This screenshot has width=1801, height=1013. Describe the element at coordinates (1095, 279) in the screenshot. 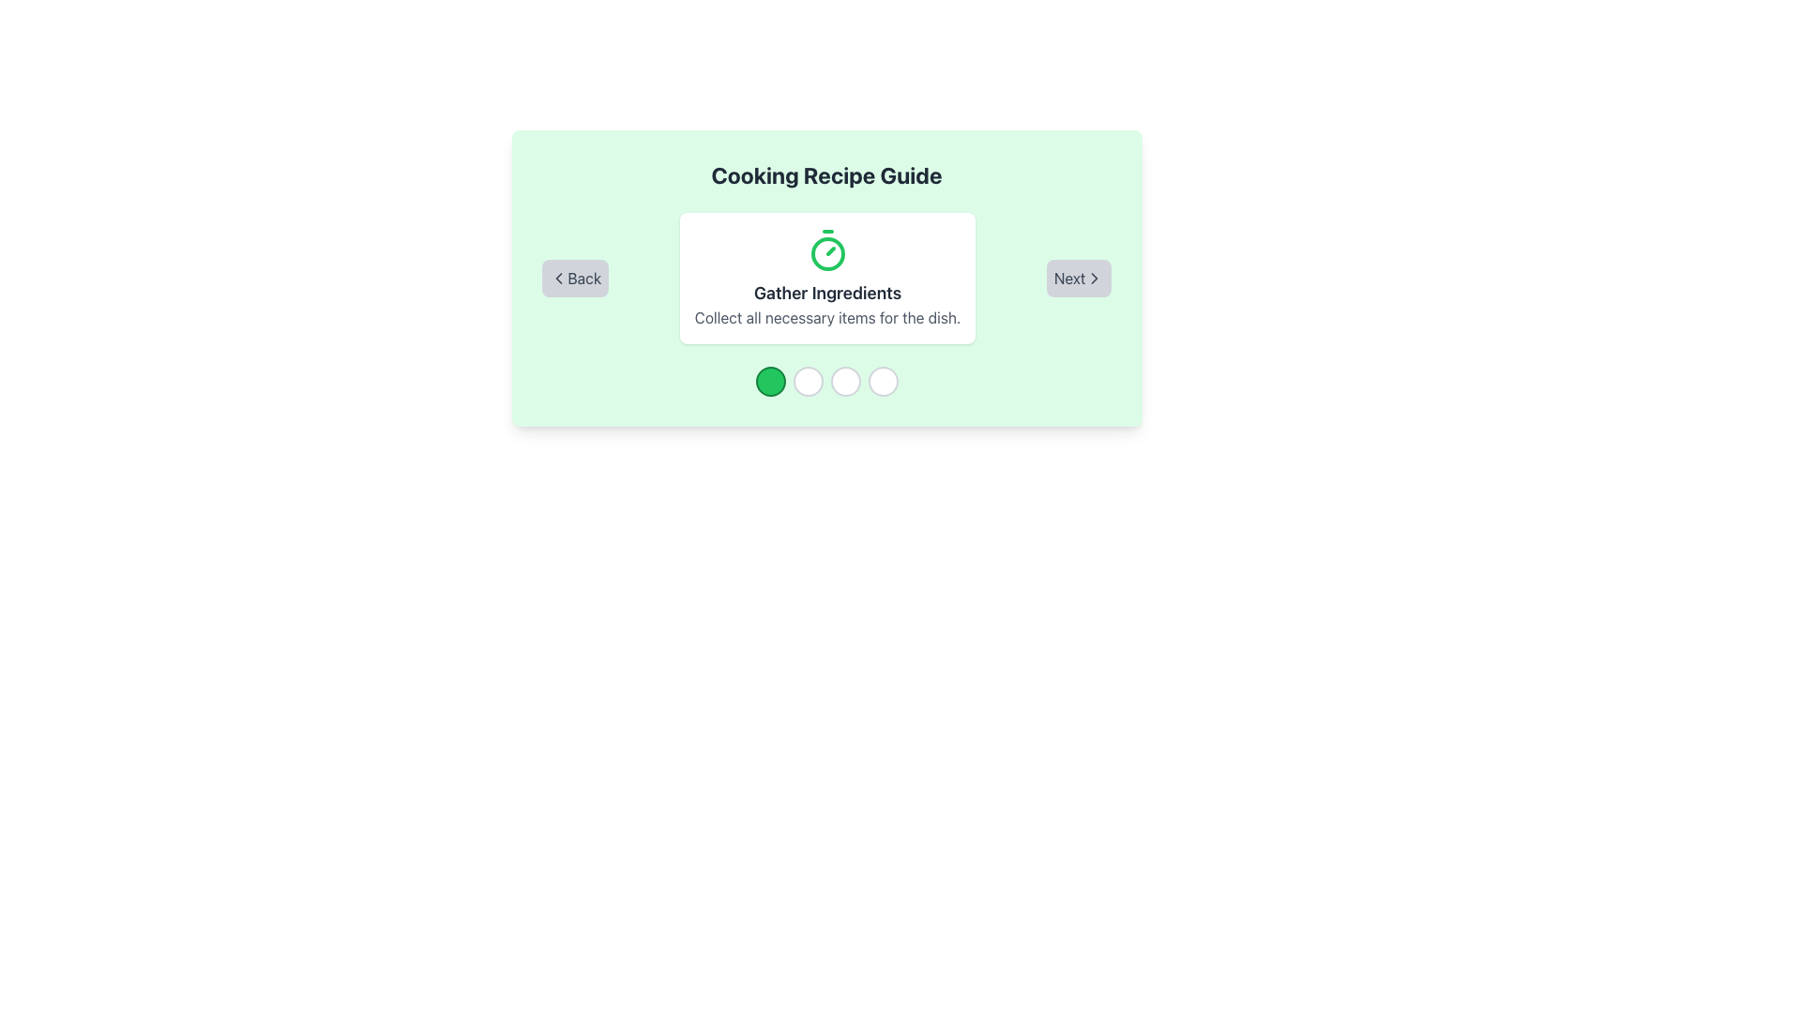

I see `the chevron-shaped icon pointing to the right, which is part of the 'Next' button on a gray background` at that location.